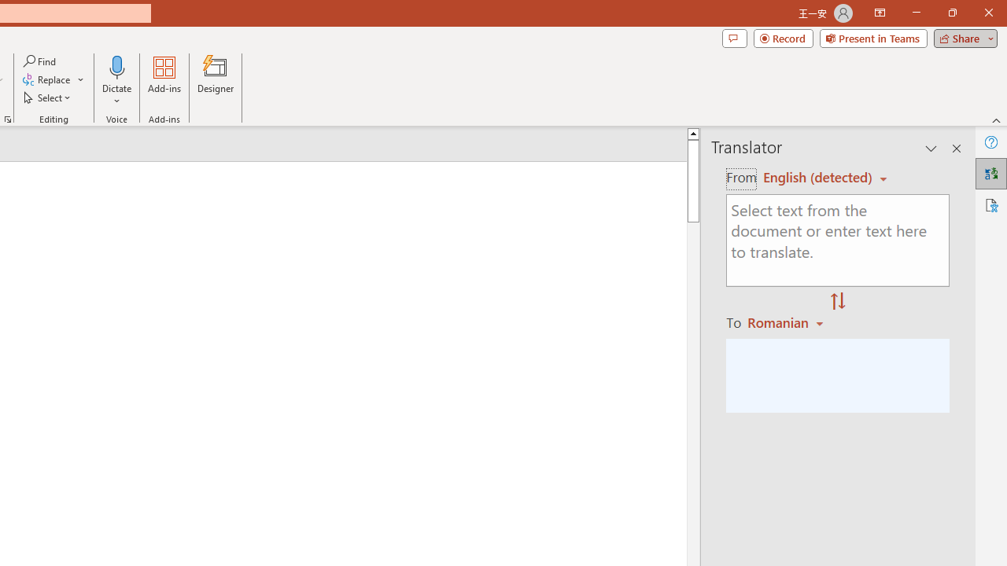 Image resolution: width=1007 pixels, height=566 pixels. What do you see at coordinates (818, 177) in the screenshot?
I see `'Czech (detected)'` at bounding box center [818, 177].